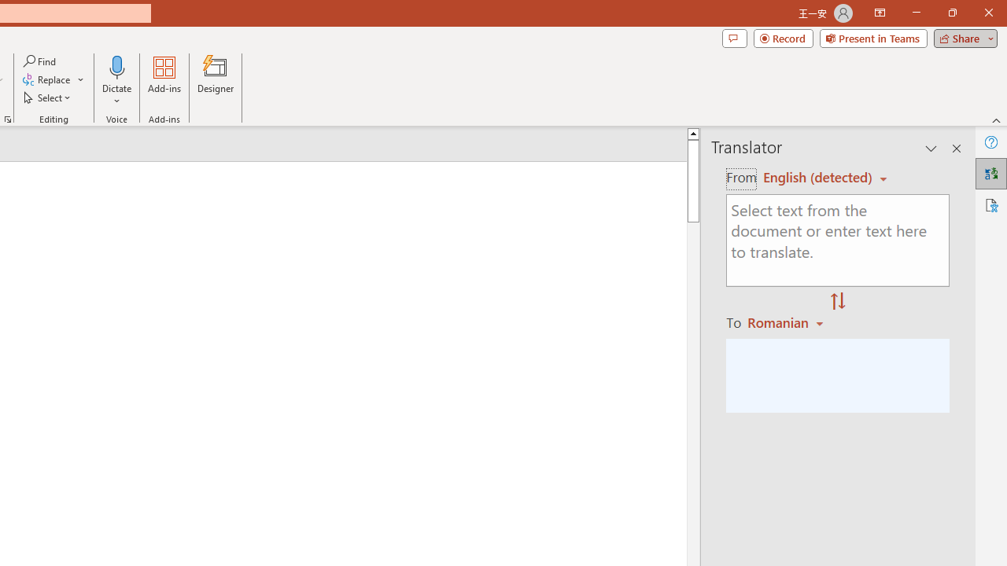 Image resolution: width=1007 pixels, height=566 pixels. What do you see at coordinates (818, 177) in the screenshot?
I see `'Czech (detected)'` at bounding box center [818, 177].